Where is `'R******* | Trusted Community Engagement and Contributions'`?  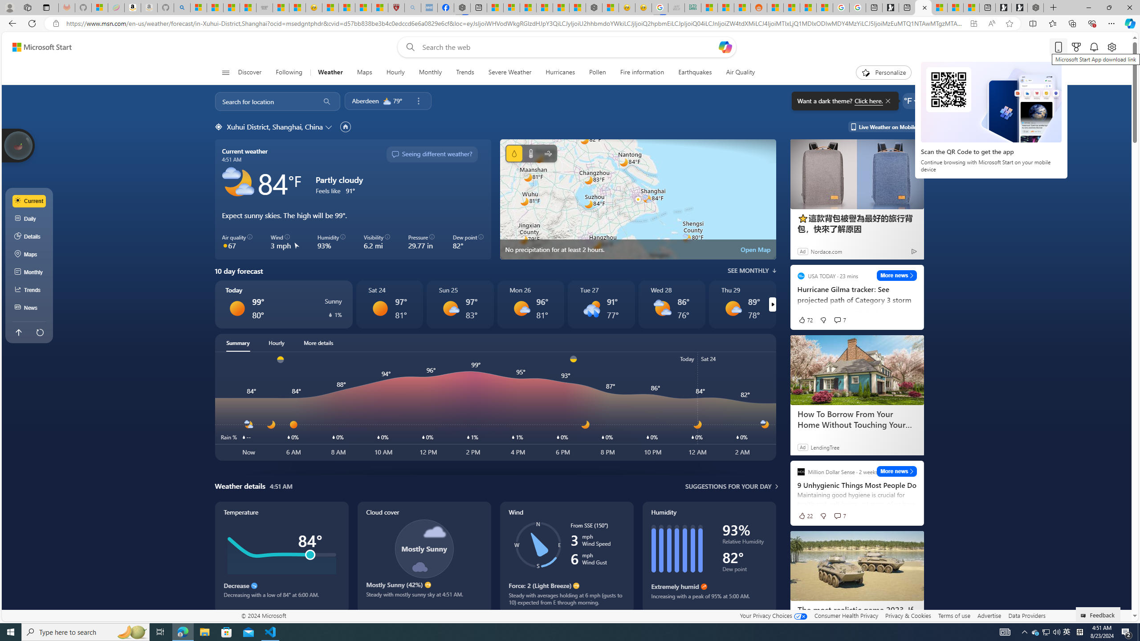
'R******* | Trusted Community Engagement and Contributions' is located at coordinates (775, 7).